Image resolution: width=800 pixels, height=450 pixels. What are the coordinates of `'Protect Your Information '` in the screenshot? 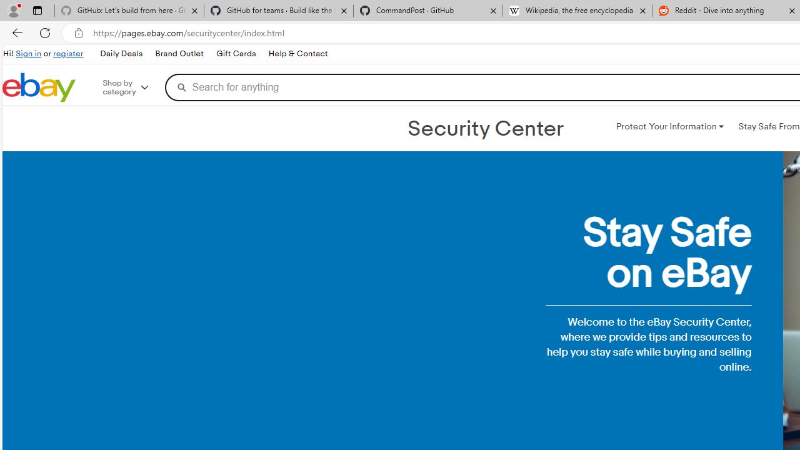 It's located at (669, 127).